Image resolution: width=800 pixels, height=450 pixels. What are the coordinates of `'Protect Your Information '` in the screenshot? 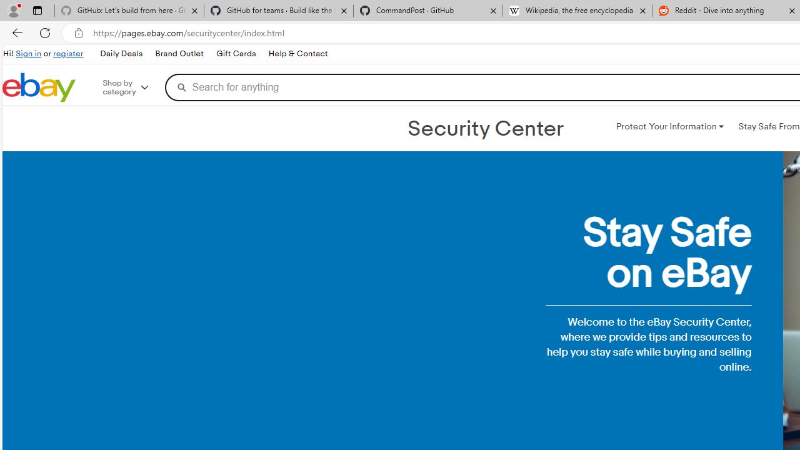 It's located at (669, 127).